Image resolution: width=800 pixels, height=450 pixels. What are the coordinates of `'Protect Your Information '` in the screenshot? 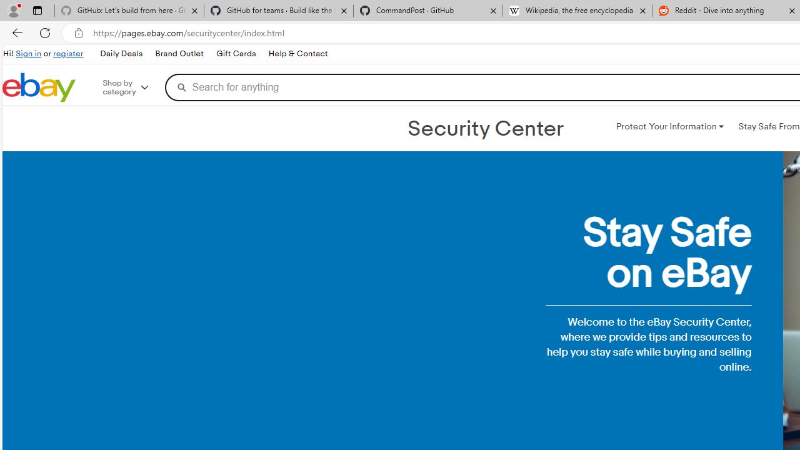 It's located at (669, 127).